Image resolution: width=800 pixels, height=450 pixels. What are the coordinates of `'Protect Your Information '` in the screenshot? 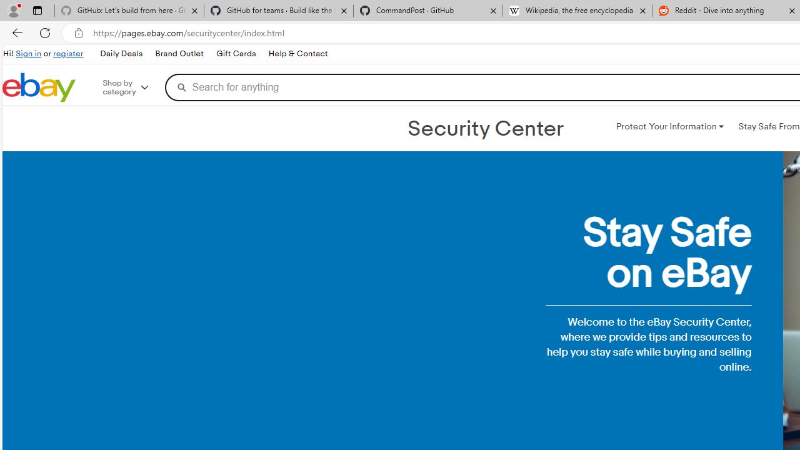 It's located at (669, 127).